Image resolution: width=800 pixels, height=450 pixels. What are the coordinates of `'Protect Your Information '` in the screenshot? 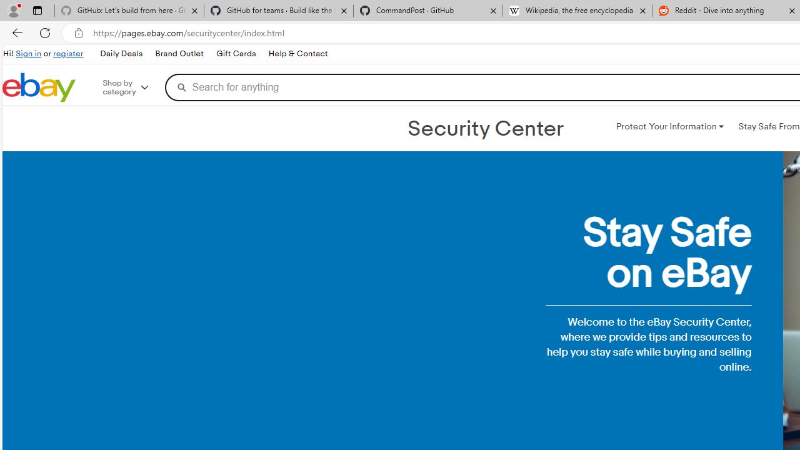 It's located at (669, 127).